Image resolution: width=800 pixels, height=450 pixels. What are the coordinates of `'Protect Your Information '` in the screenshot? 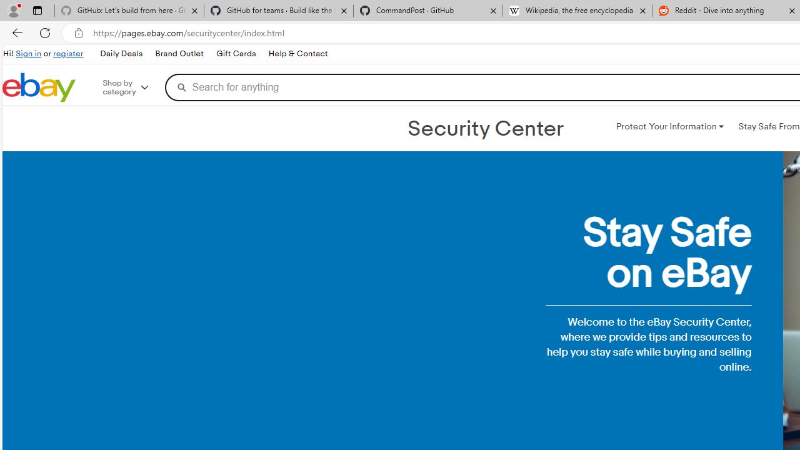 It's located at (669, 127).